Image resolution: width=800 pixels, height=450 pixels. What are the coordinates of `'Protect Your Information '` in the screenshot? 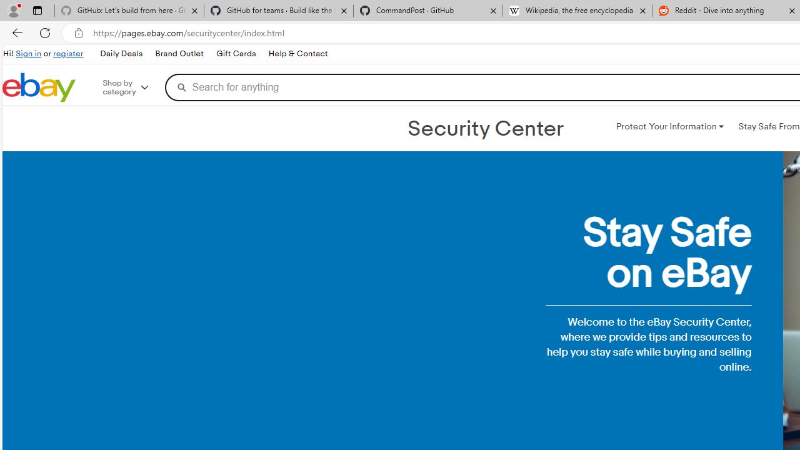 It's located at (669, 127).